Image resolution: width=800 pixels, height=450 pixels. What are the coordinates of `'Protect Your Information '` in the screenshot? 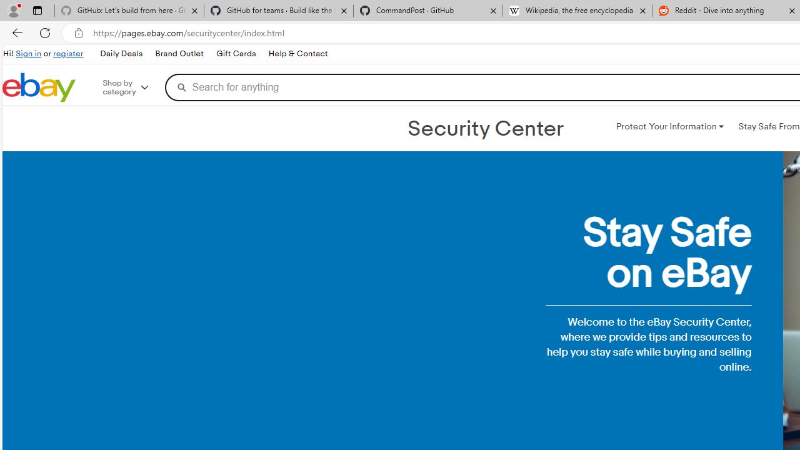 It's located at (669, 127).